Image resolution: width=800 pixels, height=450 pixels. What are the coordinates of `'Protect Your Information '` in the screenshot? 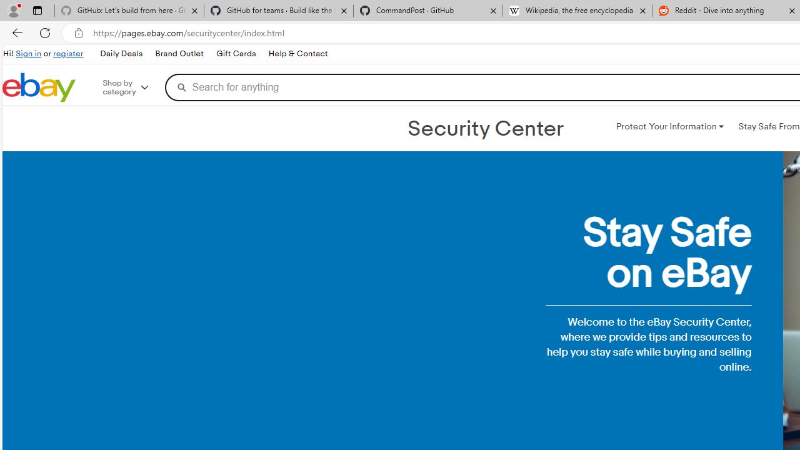 It's located at (669, 127).